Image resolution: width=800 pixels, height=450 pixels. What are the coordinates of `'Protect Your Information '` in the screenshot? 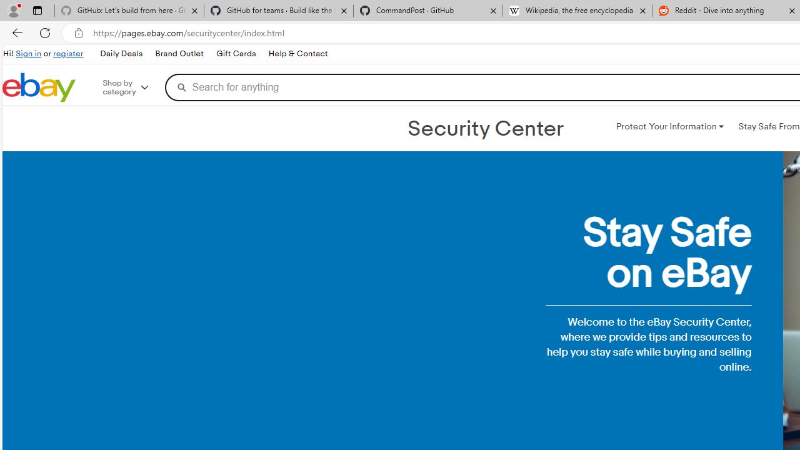 It's located at (669, 127).